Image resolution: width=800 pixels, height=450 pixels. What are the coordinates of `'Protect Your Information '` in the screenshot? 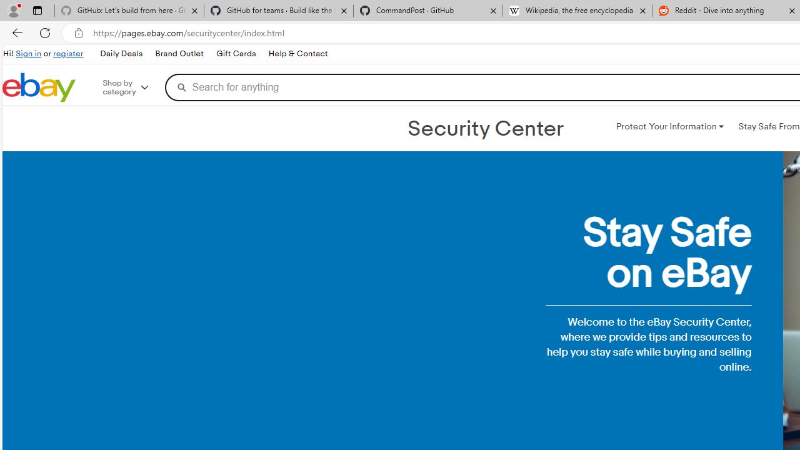 It's located at (669, 127).